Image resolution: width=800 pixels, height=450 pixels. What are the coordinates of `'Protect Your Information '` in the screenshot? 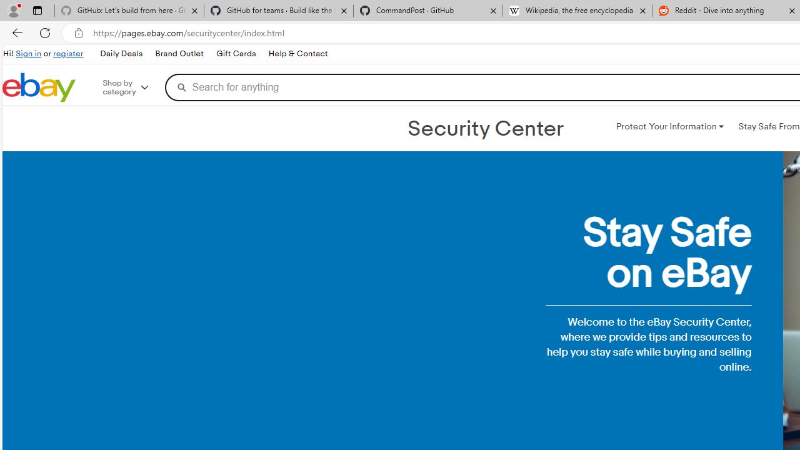 It's located at (669, 127).